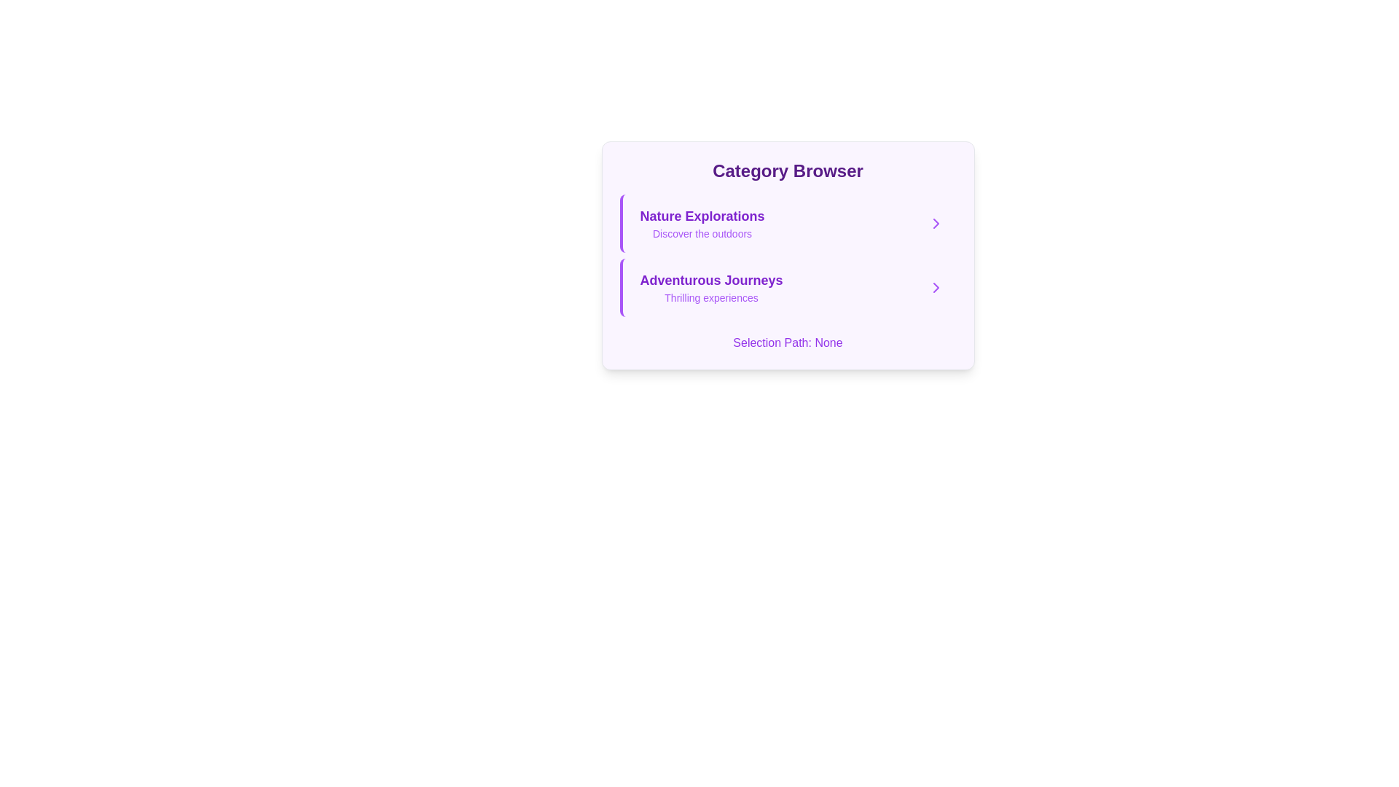 Image resolution: width=1399 pixels, height=787 pixels. Describe the element at coordinates (936, 224) in the screenshot. I see `the chevron arrow icon located to the right of the 'Nature Explorations' text` at that location.